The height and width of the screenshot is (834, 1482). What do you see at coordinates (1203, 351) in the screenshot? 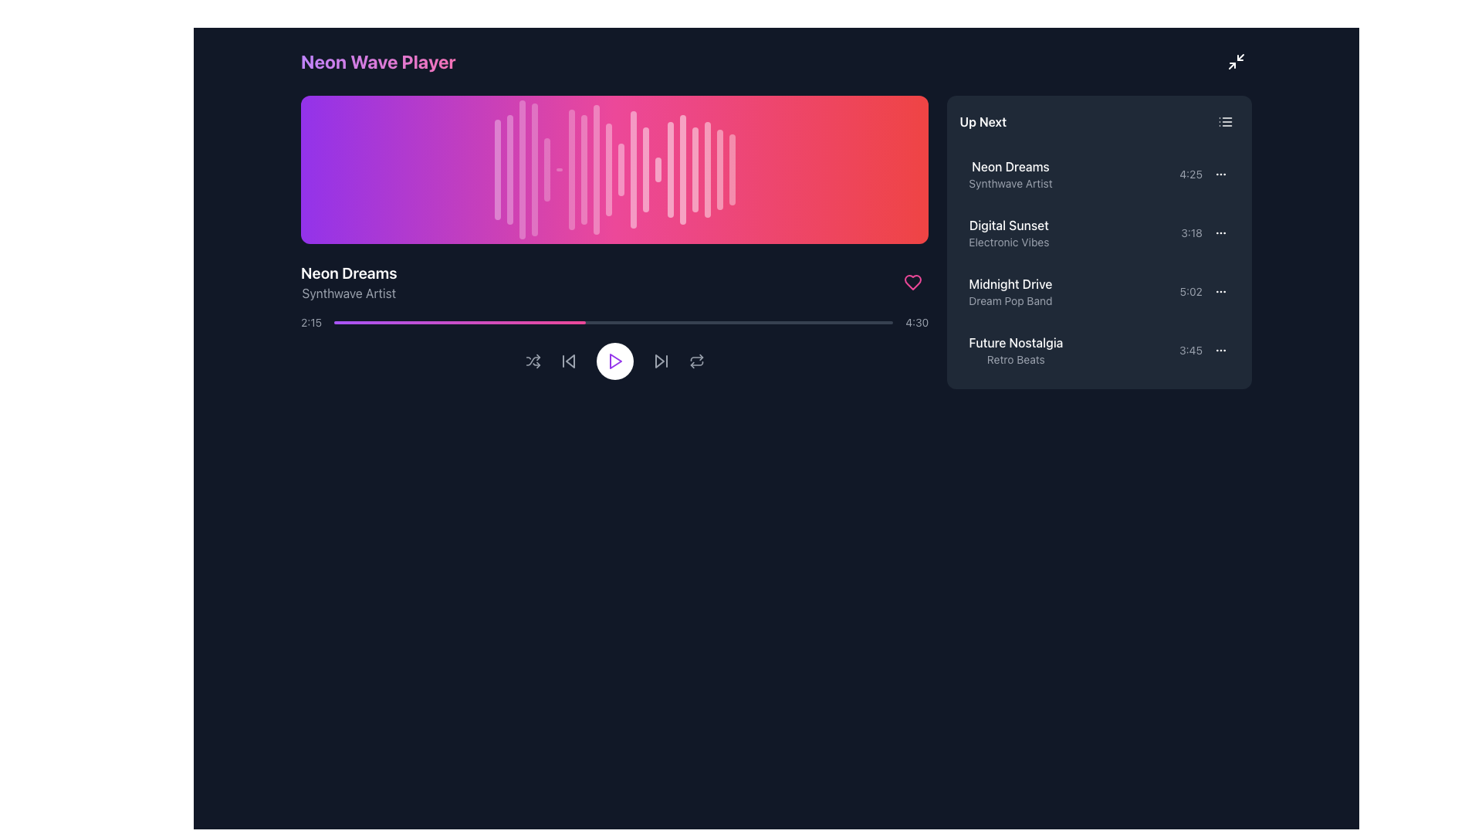
I see `the text displaying the duration of the track 'Future Nostalgia' with the associated ellipsis menu icon located in the bottom section of the 'Up Next' list in the right sidebar` at bounding box center [1203, 351].